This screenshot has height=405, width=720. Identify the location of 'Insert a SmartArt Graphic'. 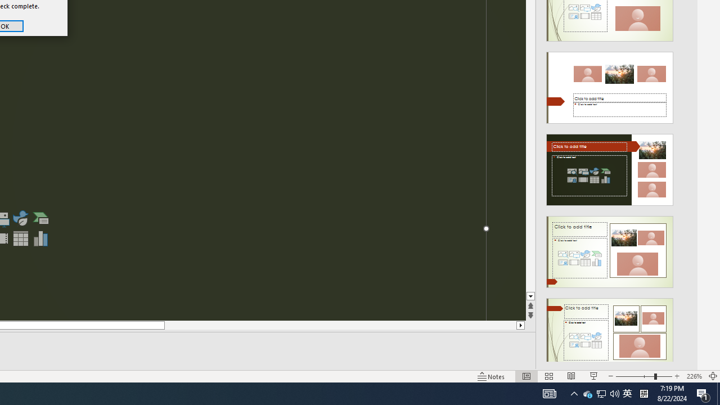
(41, 218).